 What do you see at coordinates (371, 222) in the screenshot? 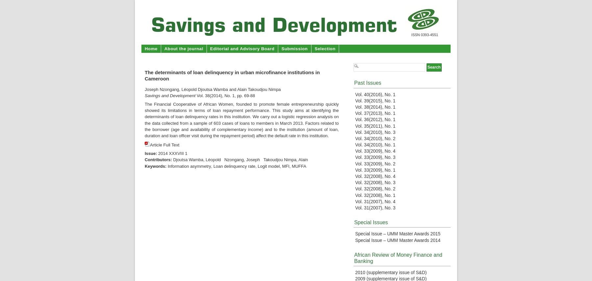
I see `'Special Issues'` at bounding box center [371, 222].